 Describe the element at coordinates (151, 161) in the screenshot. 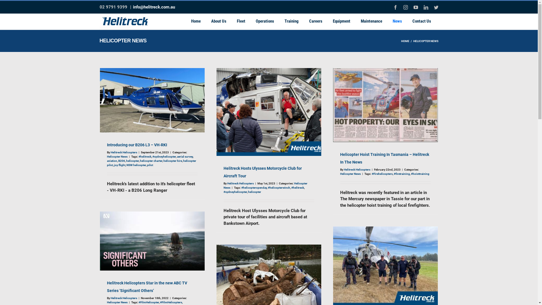

I see `'helicopter charter'` at that location.